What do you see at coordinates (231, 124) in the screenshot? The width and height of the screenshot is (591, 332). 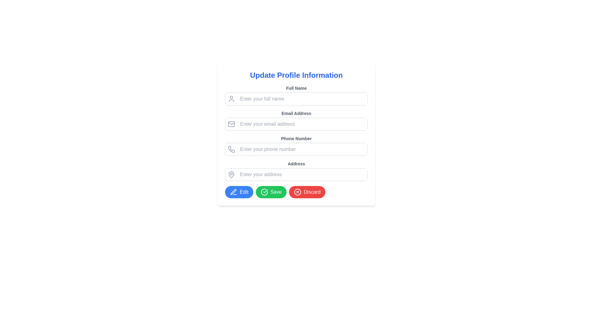 I see `the SVG mail icon that visually cues the 'Email Address' input field, located just to the left inside the input box` at bounding box center [231, 124].